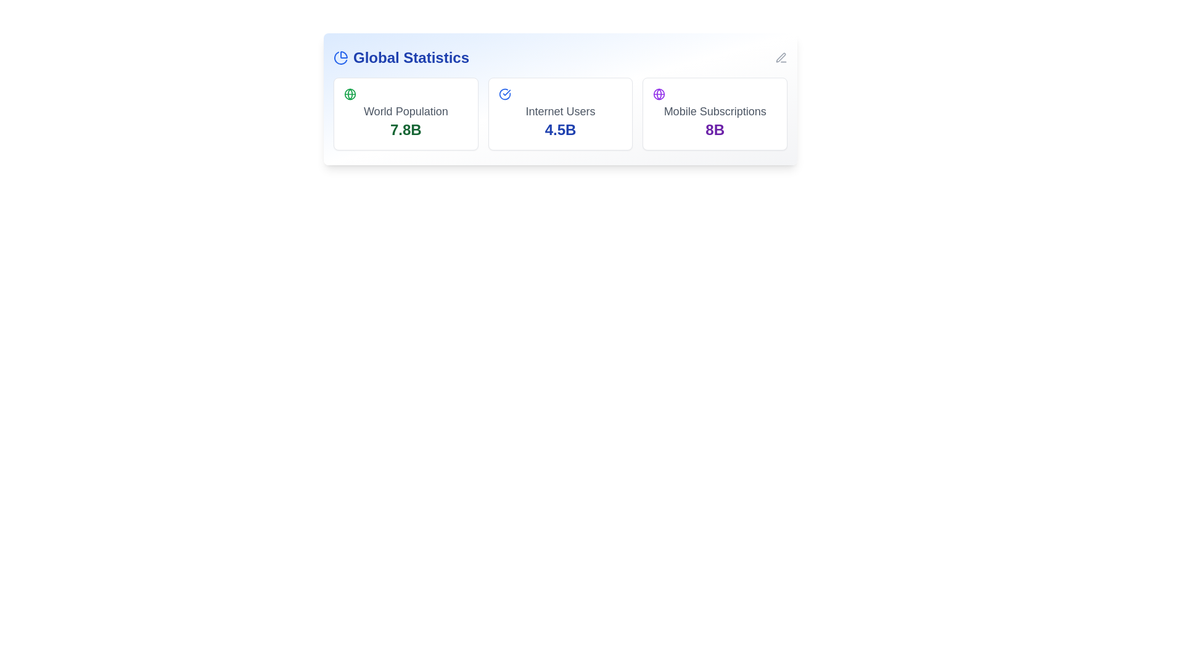 The image size is (1184, 666). What do you see at coordinates (406, 130) in the screenshot?
I see `numeric value '7.8B' displayed in bold green text below the 'World Population' label in the first card of the dashboard interface` at bounding box center [406, 130].